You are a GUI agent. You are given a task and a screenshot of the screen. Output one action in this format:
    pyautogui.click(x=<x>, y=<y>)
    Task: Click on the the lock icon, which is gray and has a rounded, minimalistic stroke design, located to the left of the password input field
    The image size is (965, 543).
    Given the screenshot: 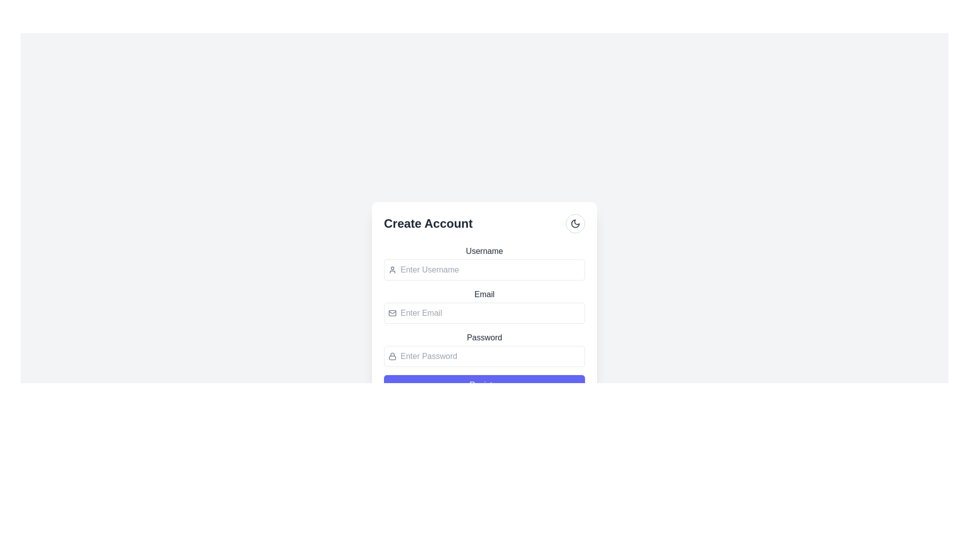 What is the action you would take?
    pyautogui.click(x=392, y=356)
    